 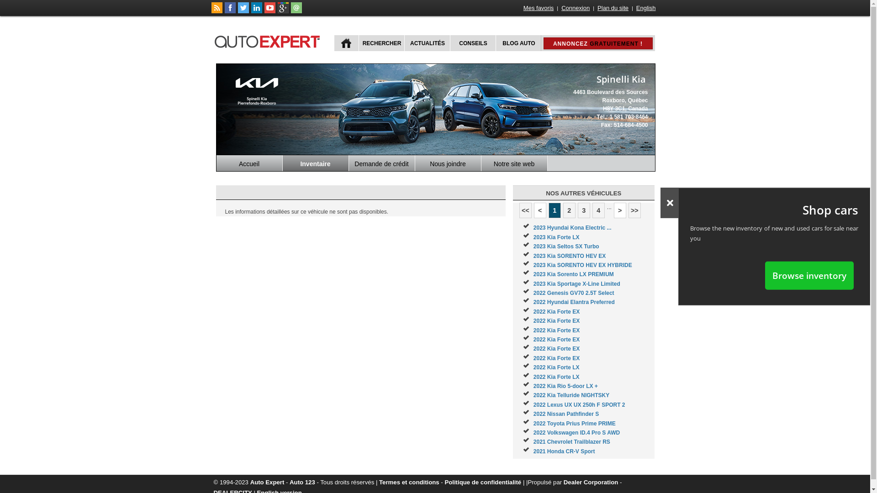 I want to click on '2022 Genesis GV70 2.5T Select', so click(x=573, y=293).